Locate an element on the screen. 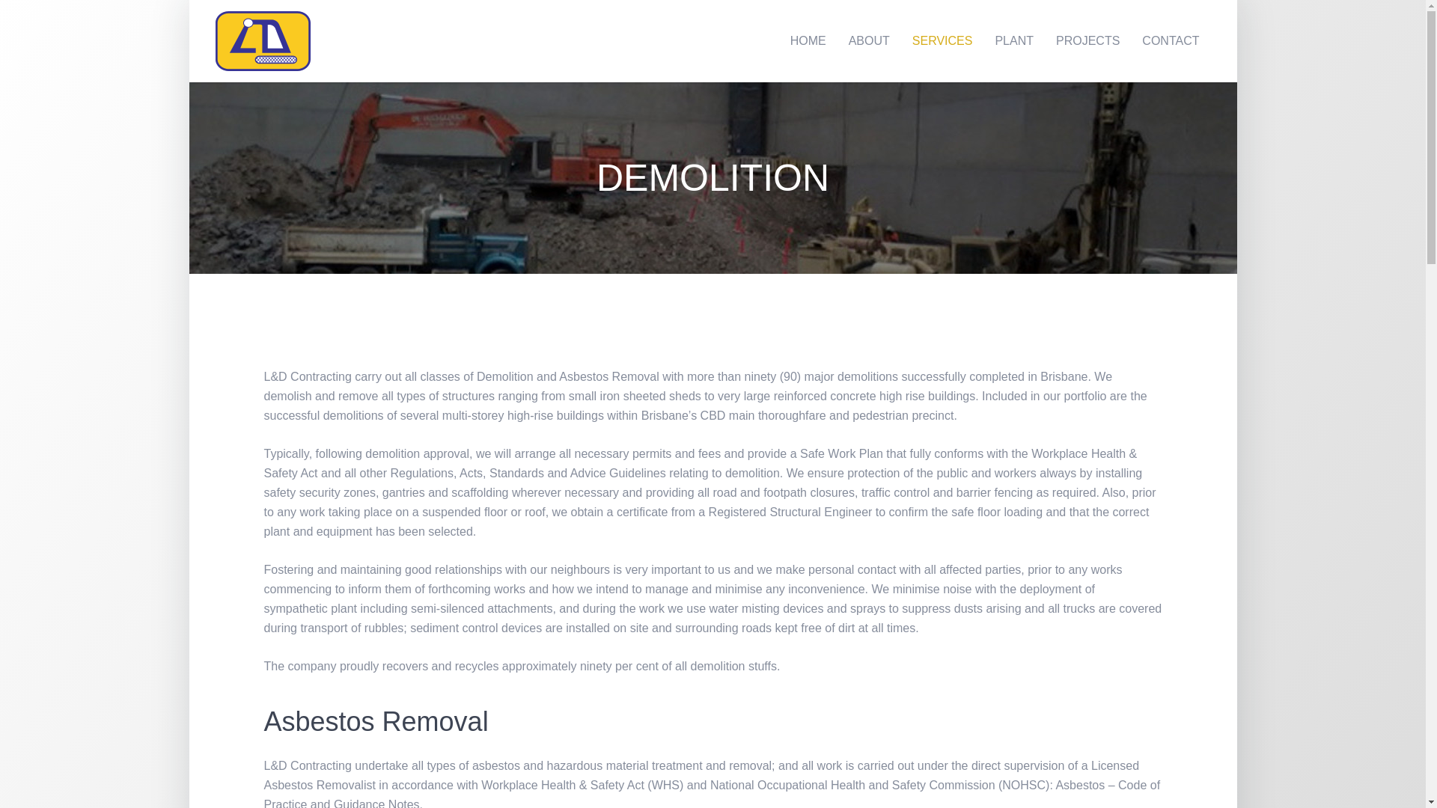 The image size is (1437, 808). 'PROJECTS' is located at coordinates (1087, 40).